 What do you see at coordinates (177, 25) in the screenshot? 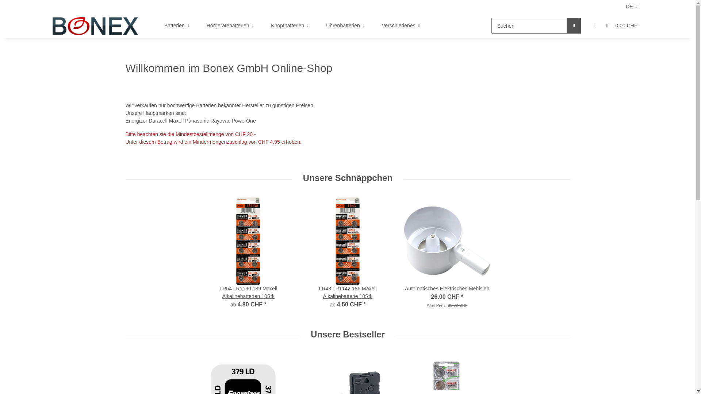
I see `'Batterien'` at bounding box center [177, 25].